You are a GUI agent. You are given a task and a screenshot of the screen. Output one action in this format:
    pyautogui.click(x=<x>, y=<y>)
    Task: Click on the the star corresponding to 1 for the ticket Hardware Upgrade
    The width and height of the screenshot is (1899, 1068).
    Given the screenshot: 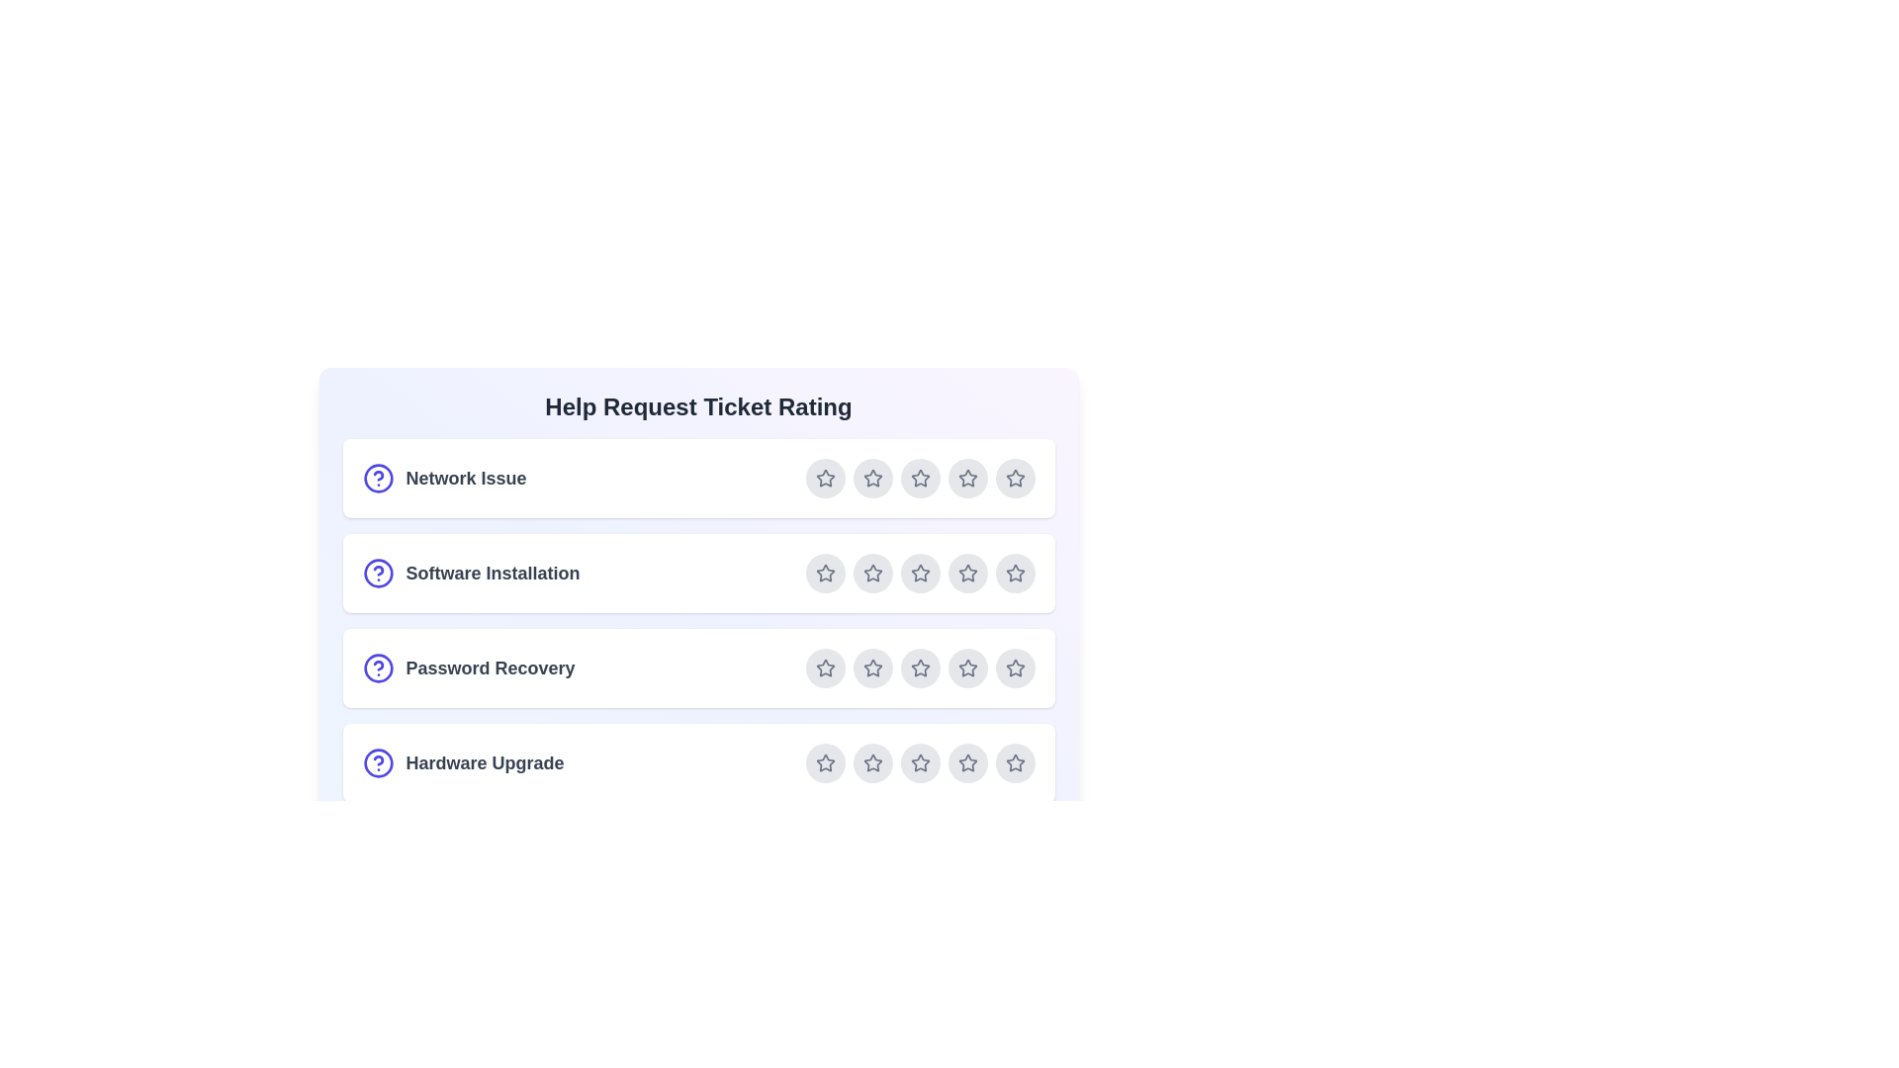 What is the action you would take?
    pyautogui.click(x=825, y=761)
    